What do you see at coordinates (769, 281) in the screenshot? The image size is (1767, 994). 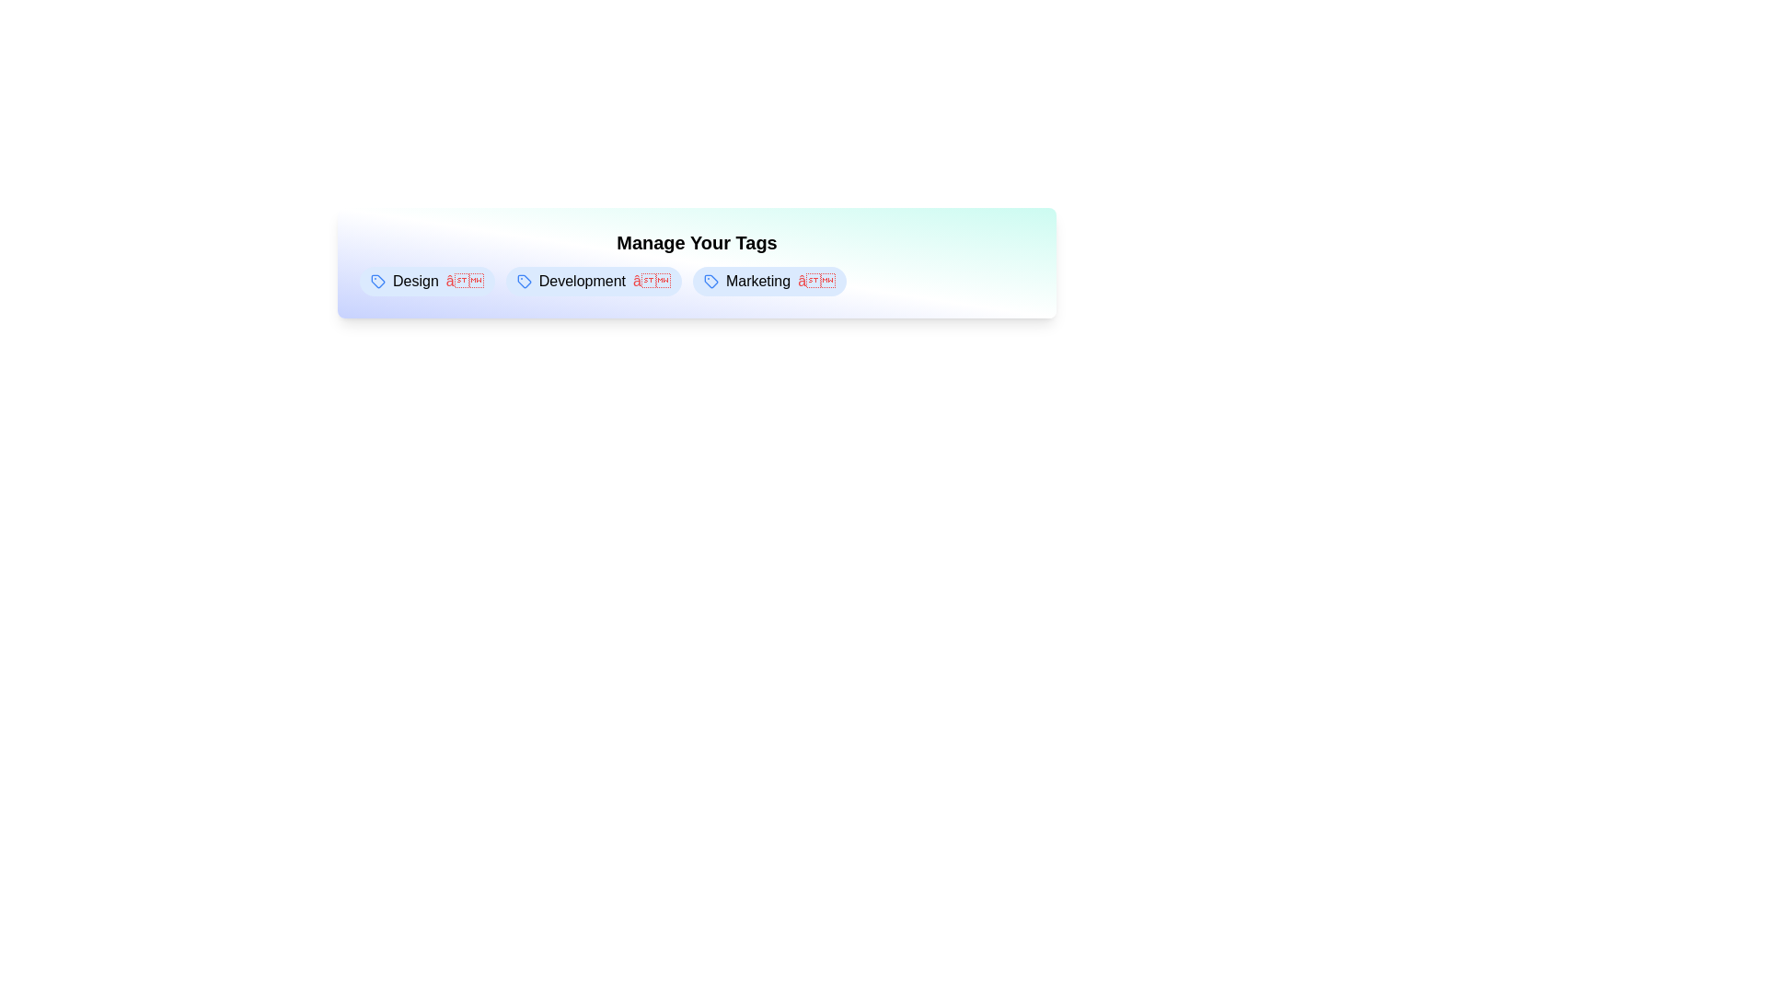 I see `the tag element labeled 'Marketing' to observe hover effects` at bounding box center [769, 281].